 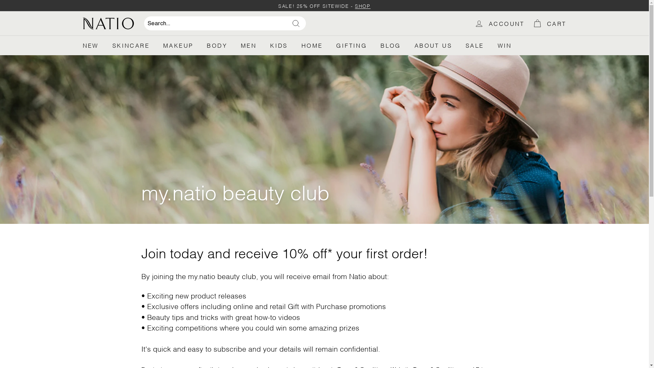 What do you see at coordinates (360, 5) in the screenshot?
I see `'SHOP'` at bounding box center [360, 5].